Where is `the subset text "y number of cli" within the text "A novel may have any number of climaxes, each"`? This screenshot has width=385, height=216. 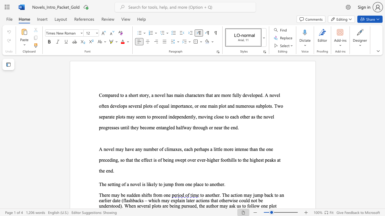 the subset text "y number of cli" within the text "A novel may have any number of climaxes, each" is located at coordinates (139, 149).